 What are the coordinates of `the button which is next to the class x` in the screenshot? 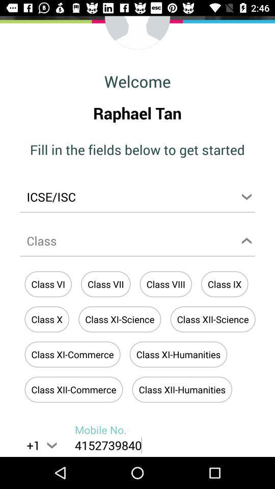 It's located at (119, 319).